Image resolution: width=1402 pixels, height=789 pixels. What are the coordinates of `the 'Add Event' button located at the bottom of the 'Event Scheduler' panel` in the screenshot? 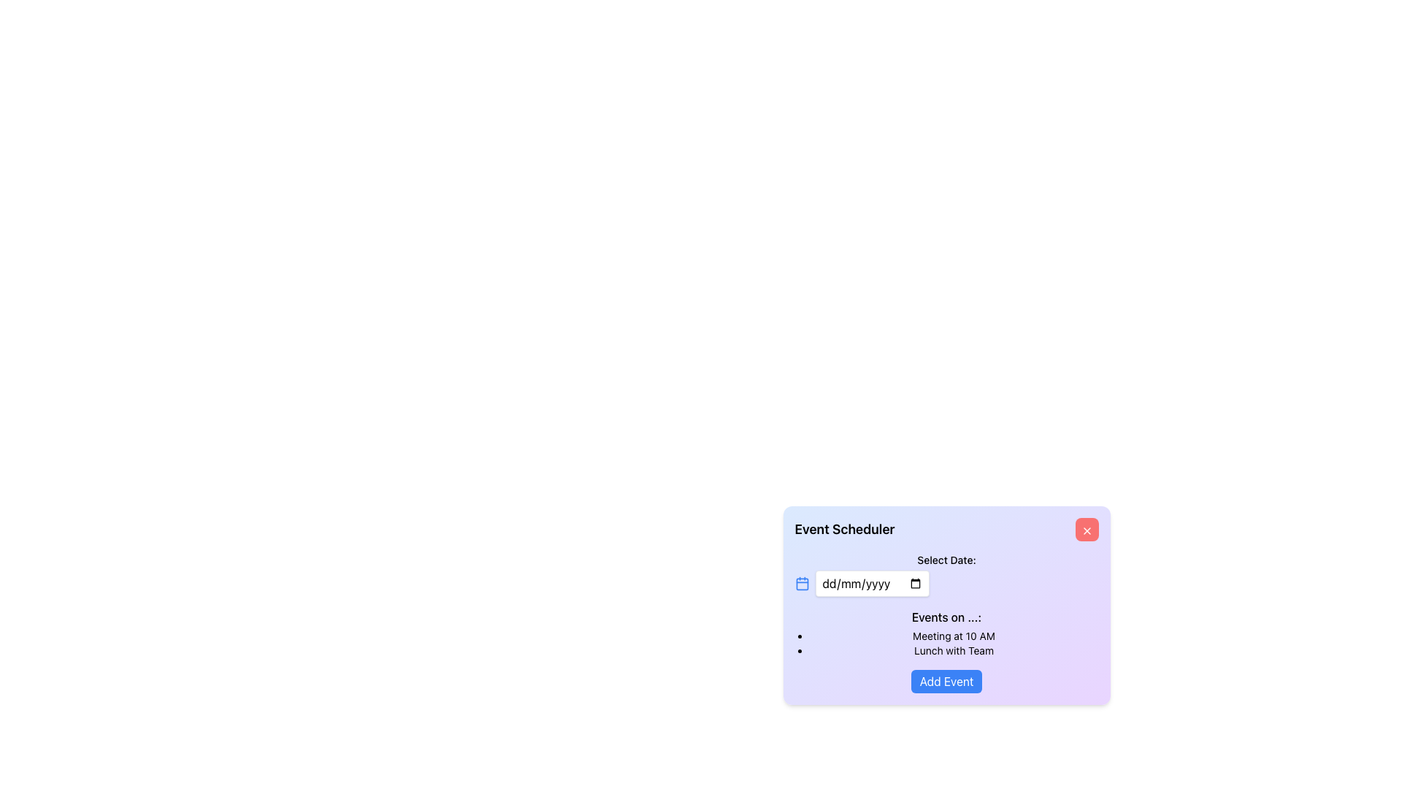 It's located at (946, 682).